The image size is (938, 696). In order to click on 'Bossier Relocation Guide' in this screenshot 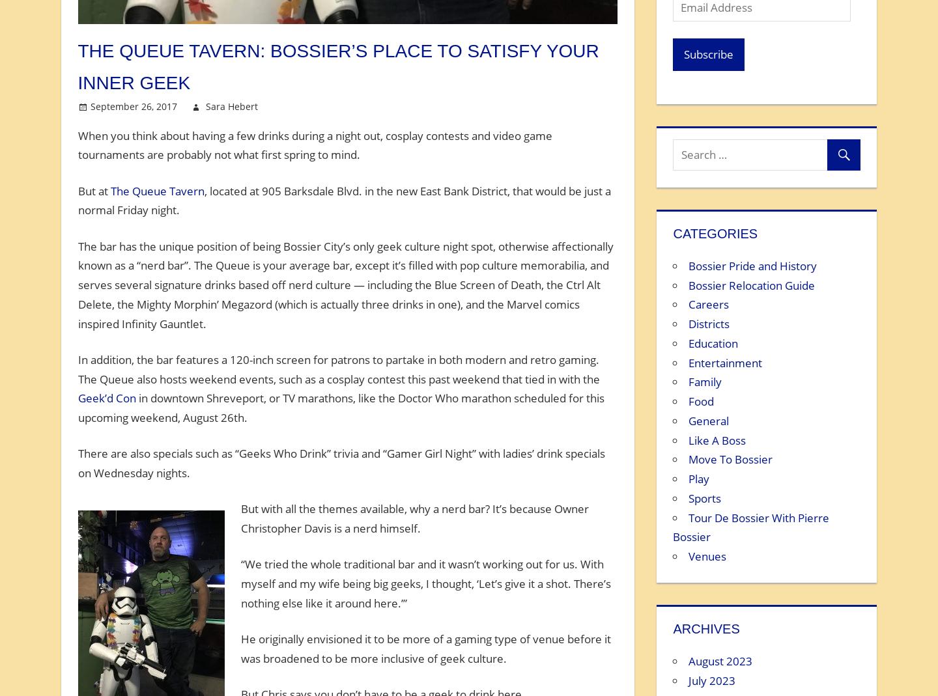, I will do `click(752, 284)`.